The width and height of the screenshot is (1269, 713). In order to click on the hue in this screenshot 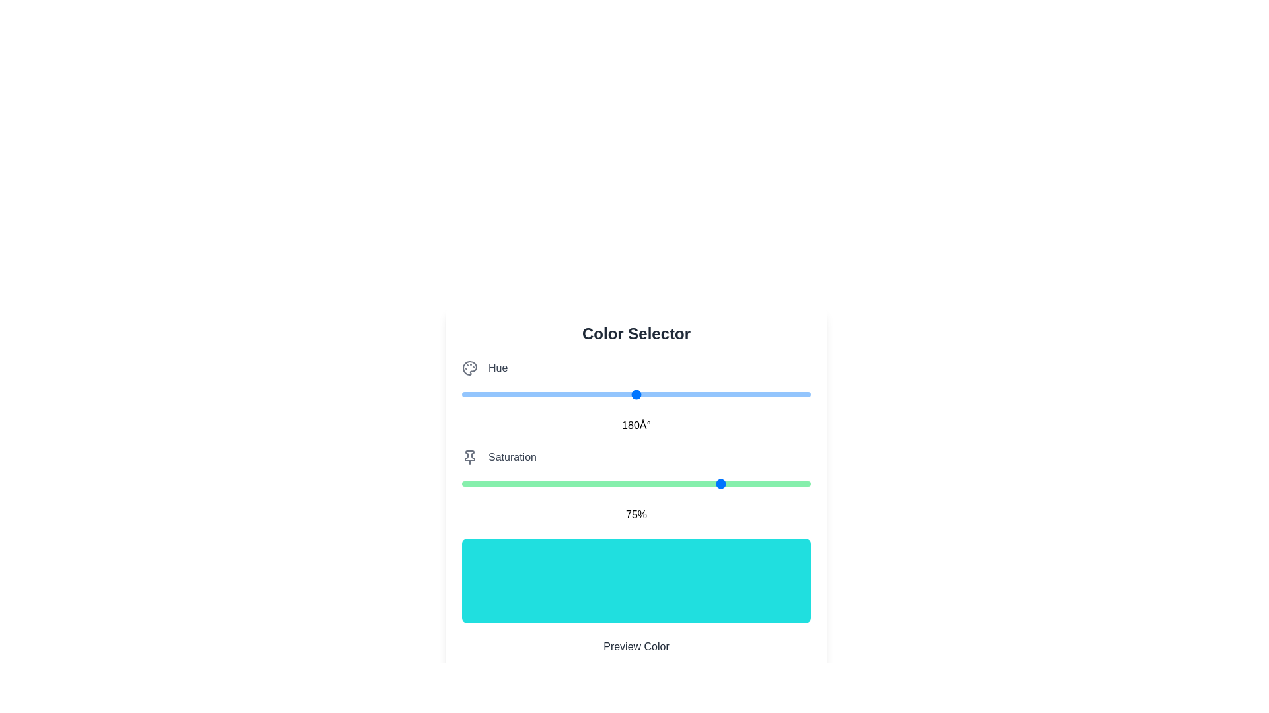, I will do `click(603, 393)`.